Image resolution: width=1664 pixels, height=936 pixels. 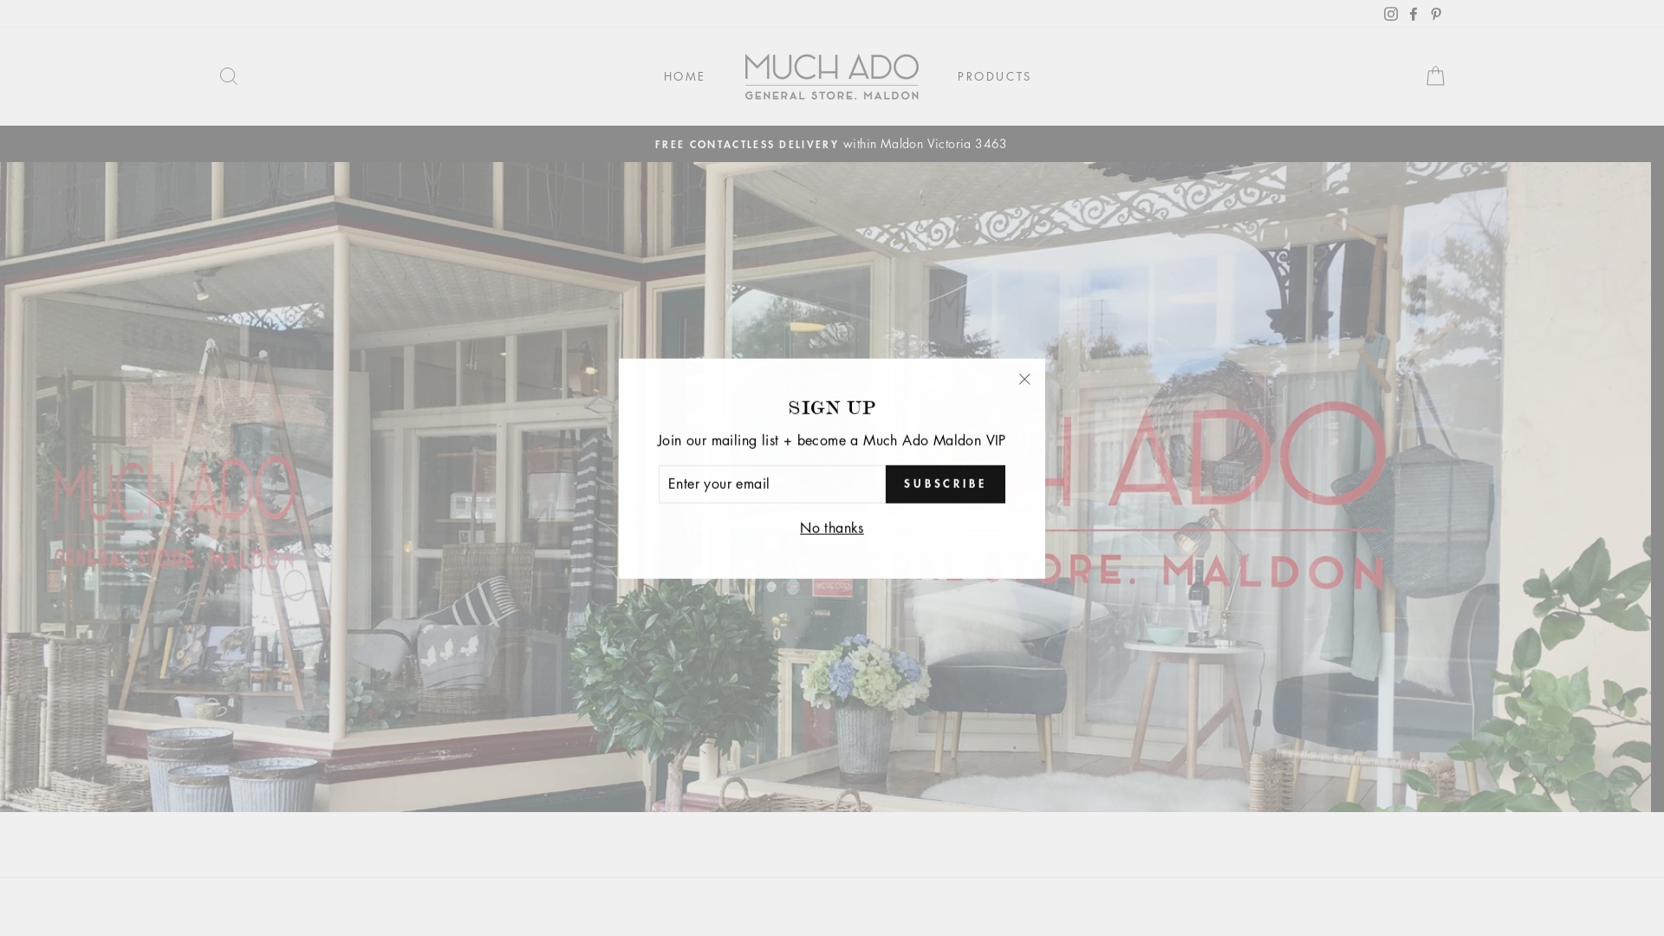 What do you see at coordinates (1406, 13) in the screenshot?
I see `'Facebook'` at bounding box center [1406, 13].